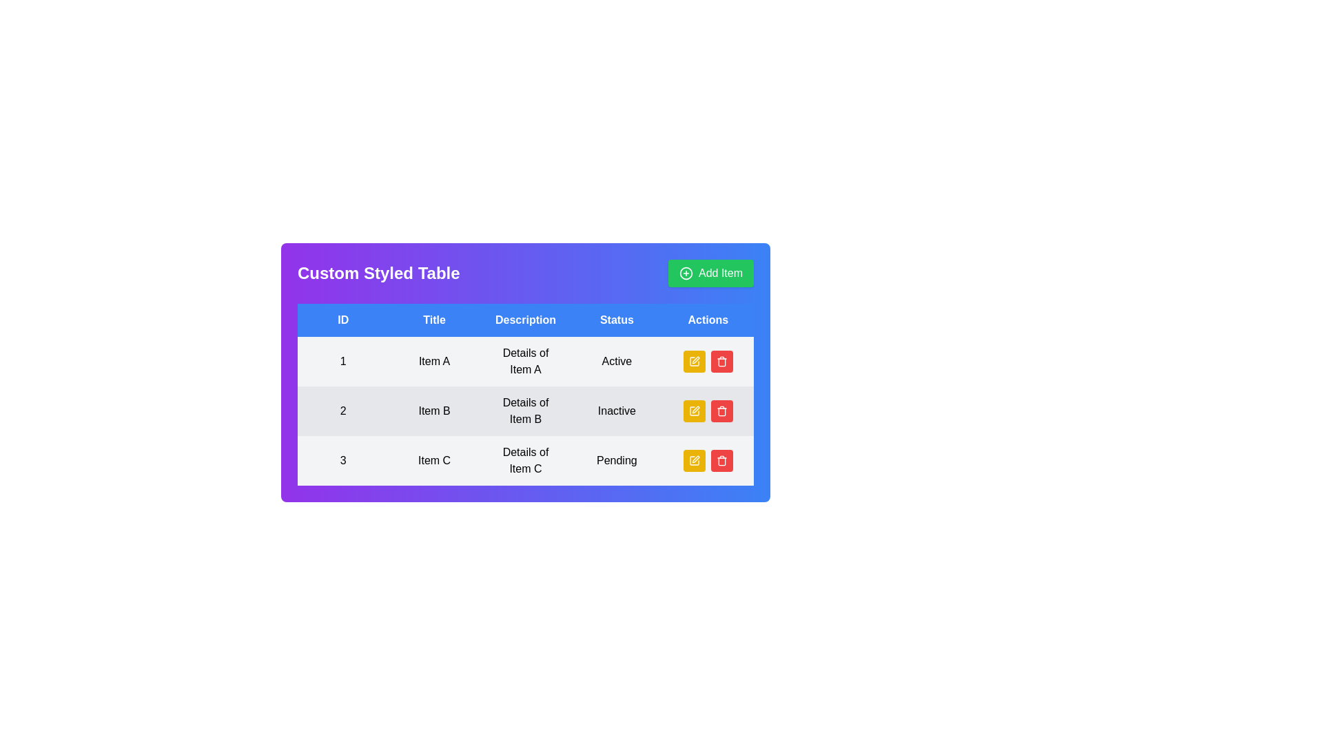  I want to click on the '+' icon within the 'Add Item' button, which signifies the action to add an item, so click(686, 273).